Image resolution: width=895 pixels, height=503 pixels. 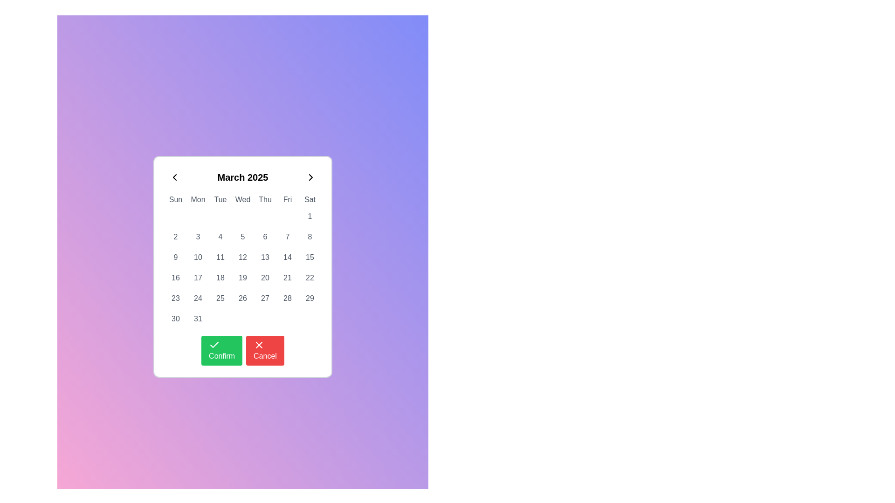 What do you see at coordinates (287, 199) in the screenshot?
I see `the text label displaying 'Fri' in the weekday header row of the calendar interface, located under the title 'March 2025'` at bounding box center [287, 199].